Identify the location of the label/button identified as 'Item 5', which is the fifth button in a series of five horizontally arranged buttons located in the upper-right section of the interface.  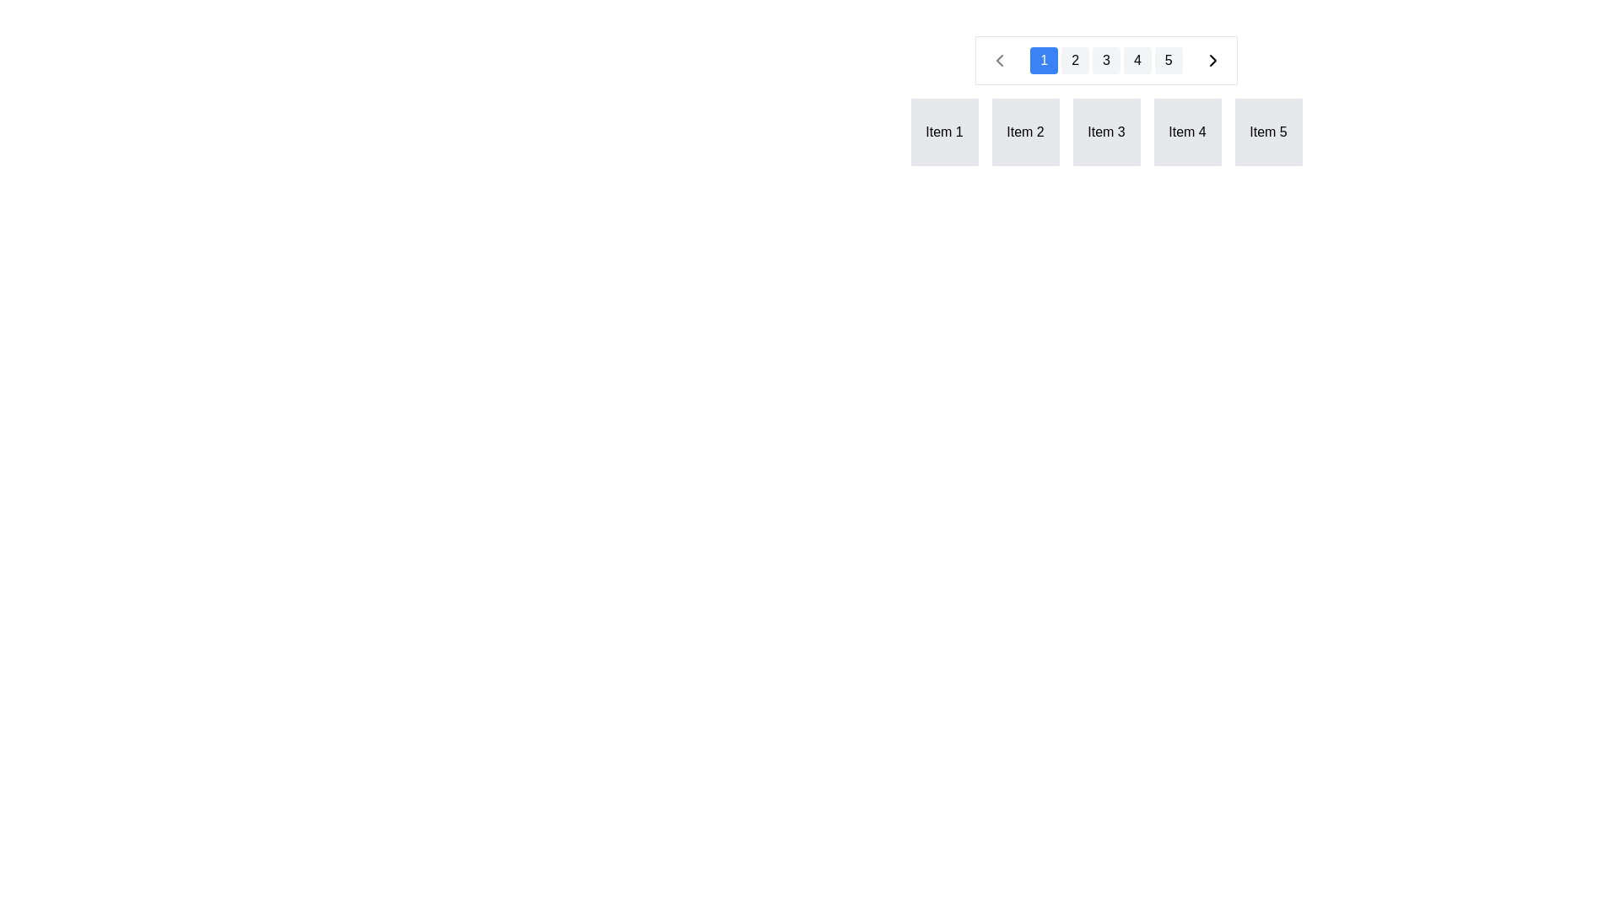
(1268, 132).